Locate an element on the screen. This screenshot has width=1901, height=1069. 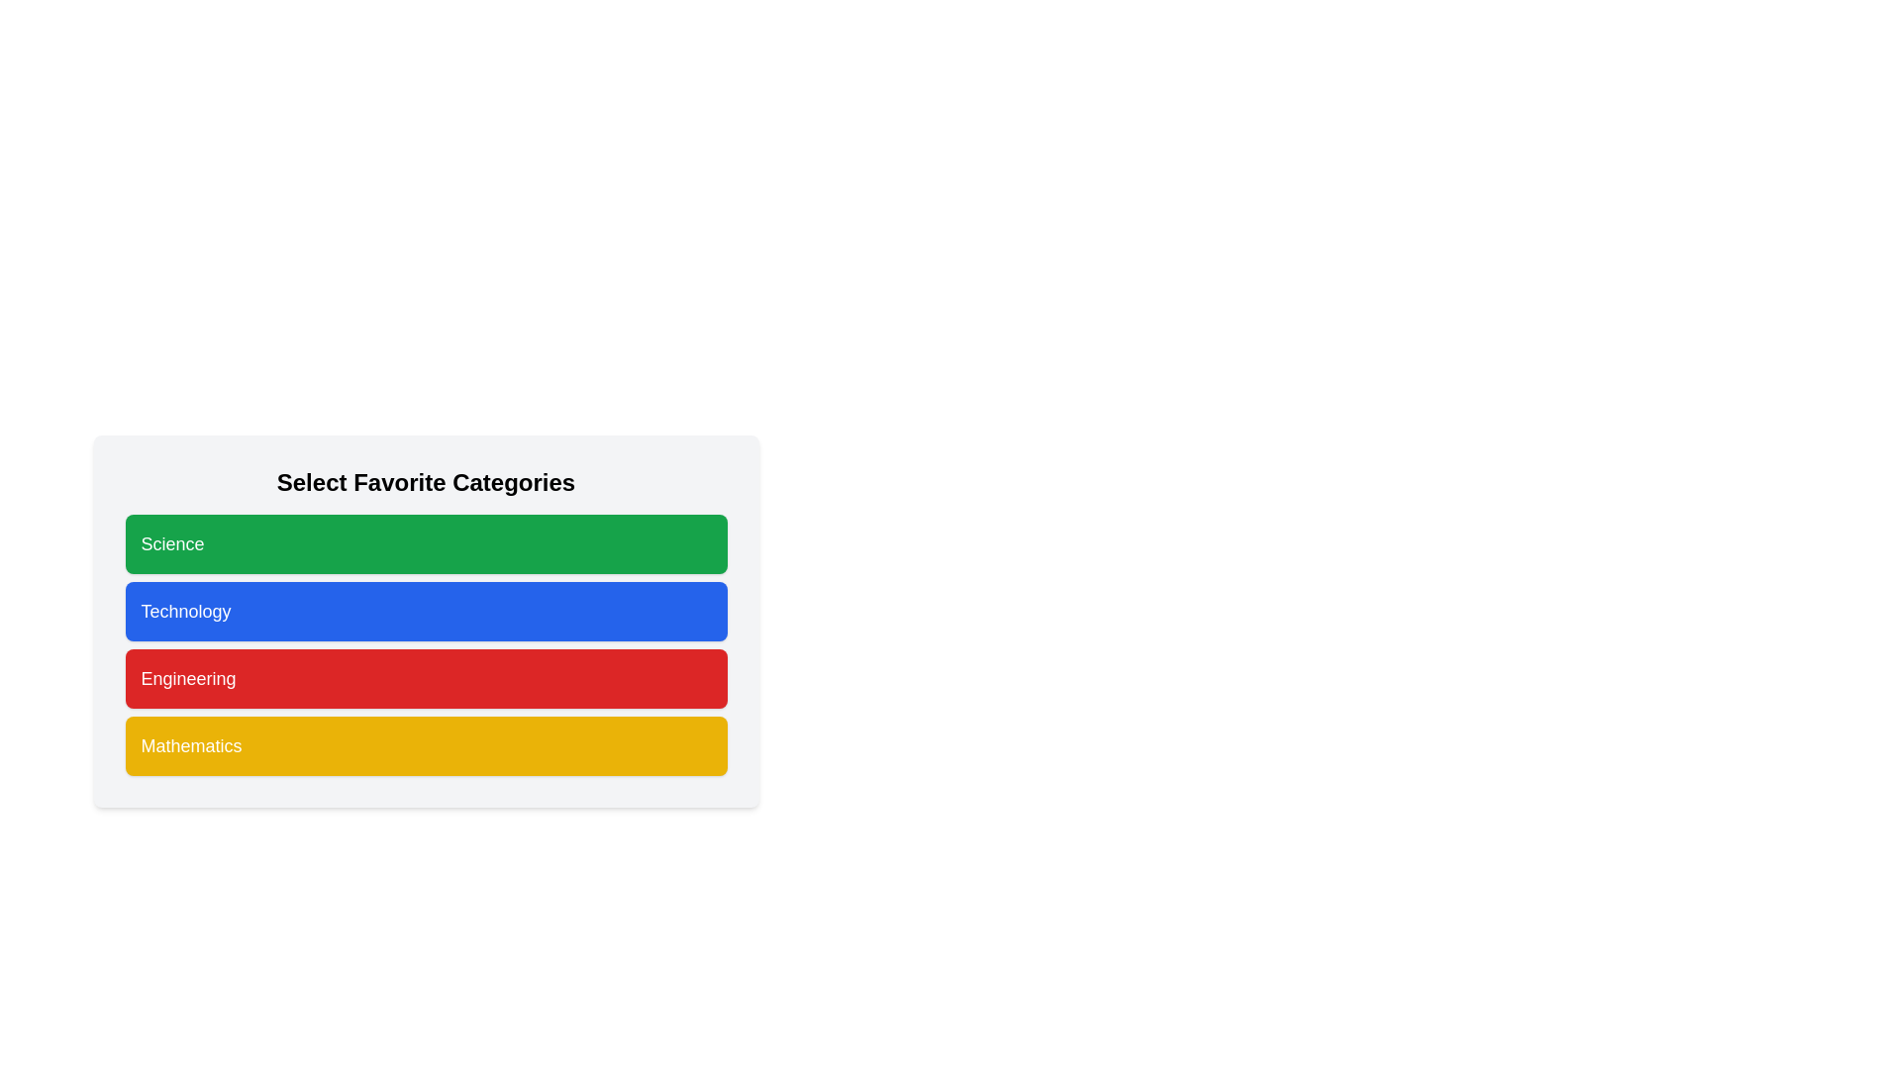
the blue rectangular button labeled 'Technology', which is the second button from the top in the 'Select Favorite Categories' section is located at coordinates (425, 619).